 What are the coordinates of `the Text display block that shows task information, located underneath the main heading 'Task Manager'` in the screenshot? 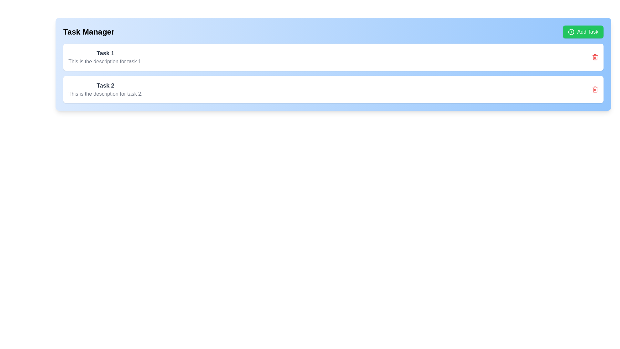 It's located at (105, 57).